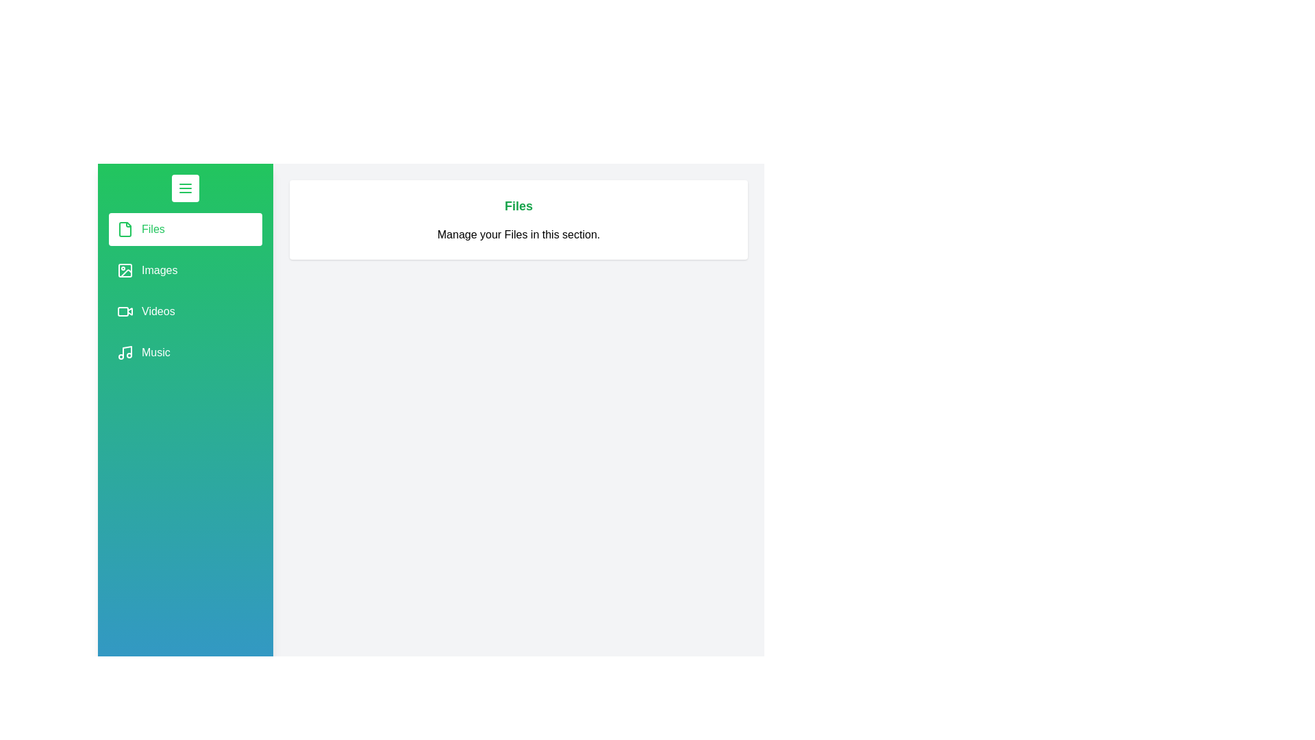  I want to click on the section labeled Files in the drawer menu, so click(184, 229).